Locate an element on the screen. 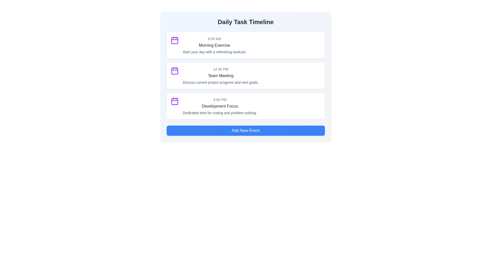  text element serving as a title or header for the associated event, located between the timestamp '8:00 AM' and the description 'Start your day with a refreshing workout.' is located at coordinates (214, 45).